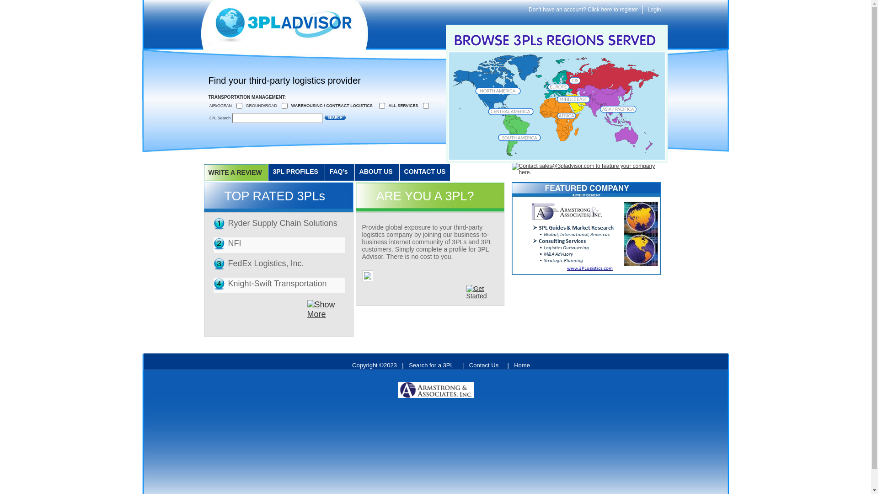 The image size is (878, 494). Describe the element at coordinates (399, 172) in the screenshot. I see `'CONTACT US'` at that location.